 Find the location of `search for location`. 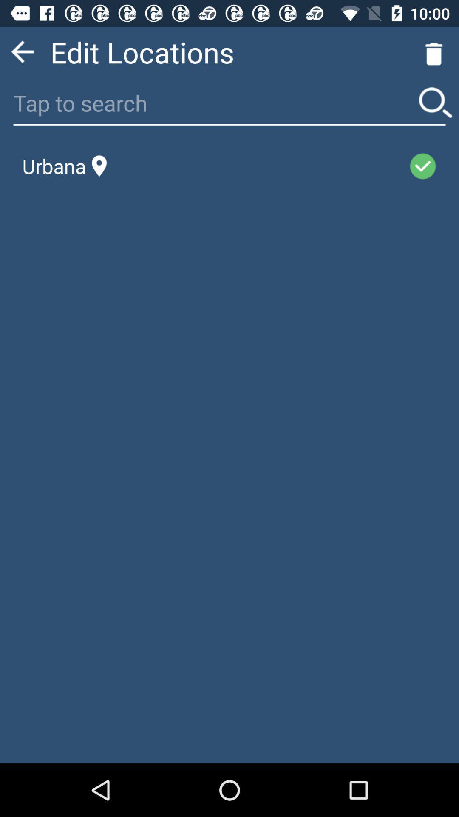

search for location is located at coordinates (435, 102).